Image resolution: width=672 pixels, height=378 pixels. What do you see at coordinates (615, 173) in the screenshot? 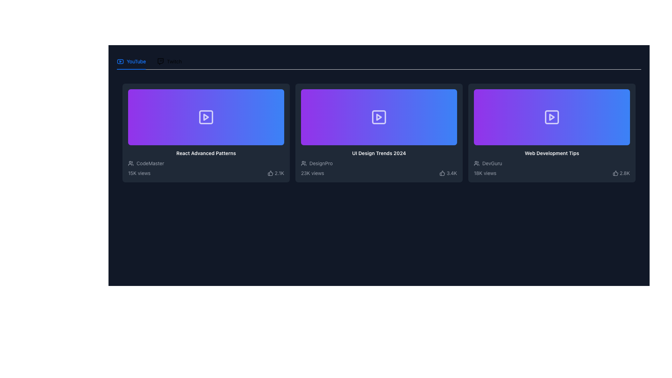
I see `the likes icon located at the bottom-right corner of the 'Web Development Tips' card, adjacent to the '2.8K' text` at bounding box center [615, 173].